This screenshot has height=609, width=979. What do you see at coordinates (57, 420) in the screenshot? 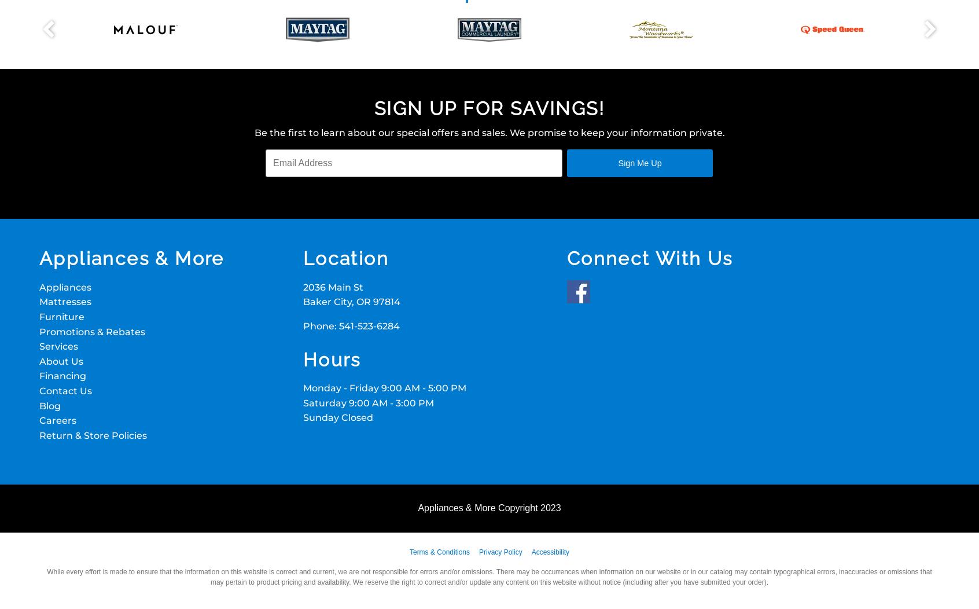
I see `'Careers'` at bounding box center [57, 420].